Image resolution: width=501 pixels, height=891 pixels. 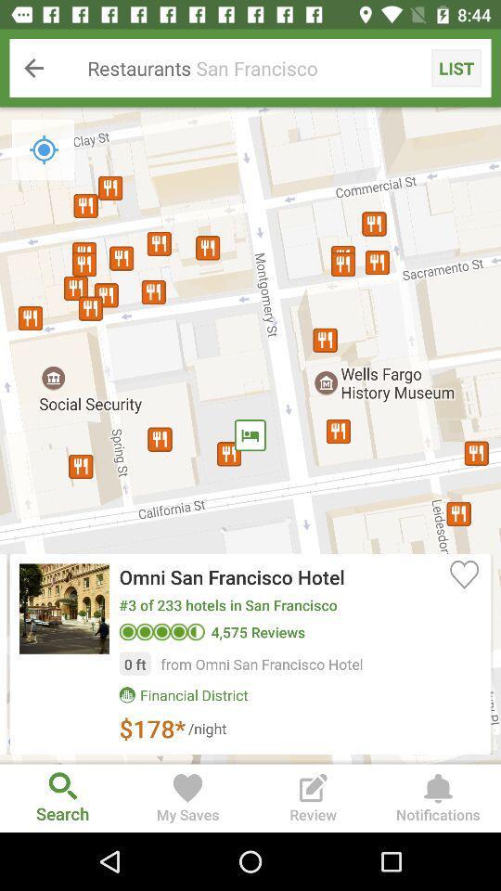 What do you see at coordinates (463, 573) in the screenshot?
I see `item below the restaurants san francisco icon` at bounding box center [463, 573].